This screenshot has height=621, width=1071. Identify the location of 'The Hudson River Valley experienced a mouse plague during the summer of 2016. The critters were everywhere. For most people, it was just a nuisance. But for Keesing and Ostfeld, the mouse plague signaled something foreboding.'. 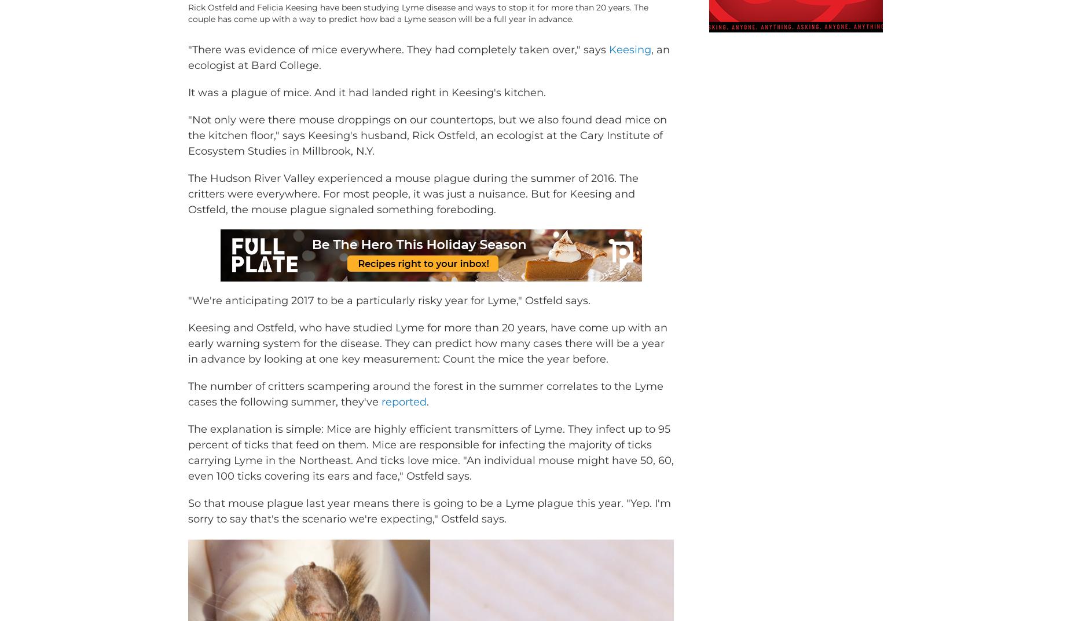
(413, 211).